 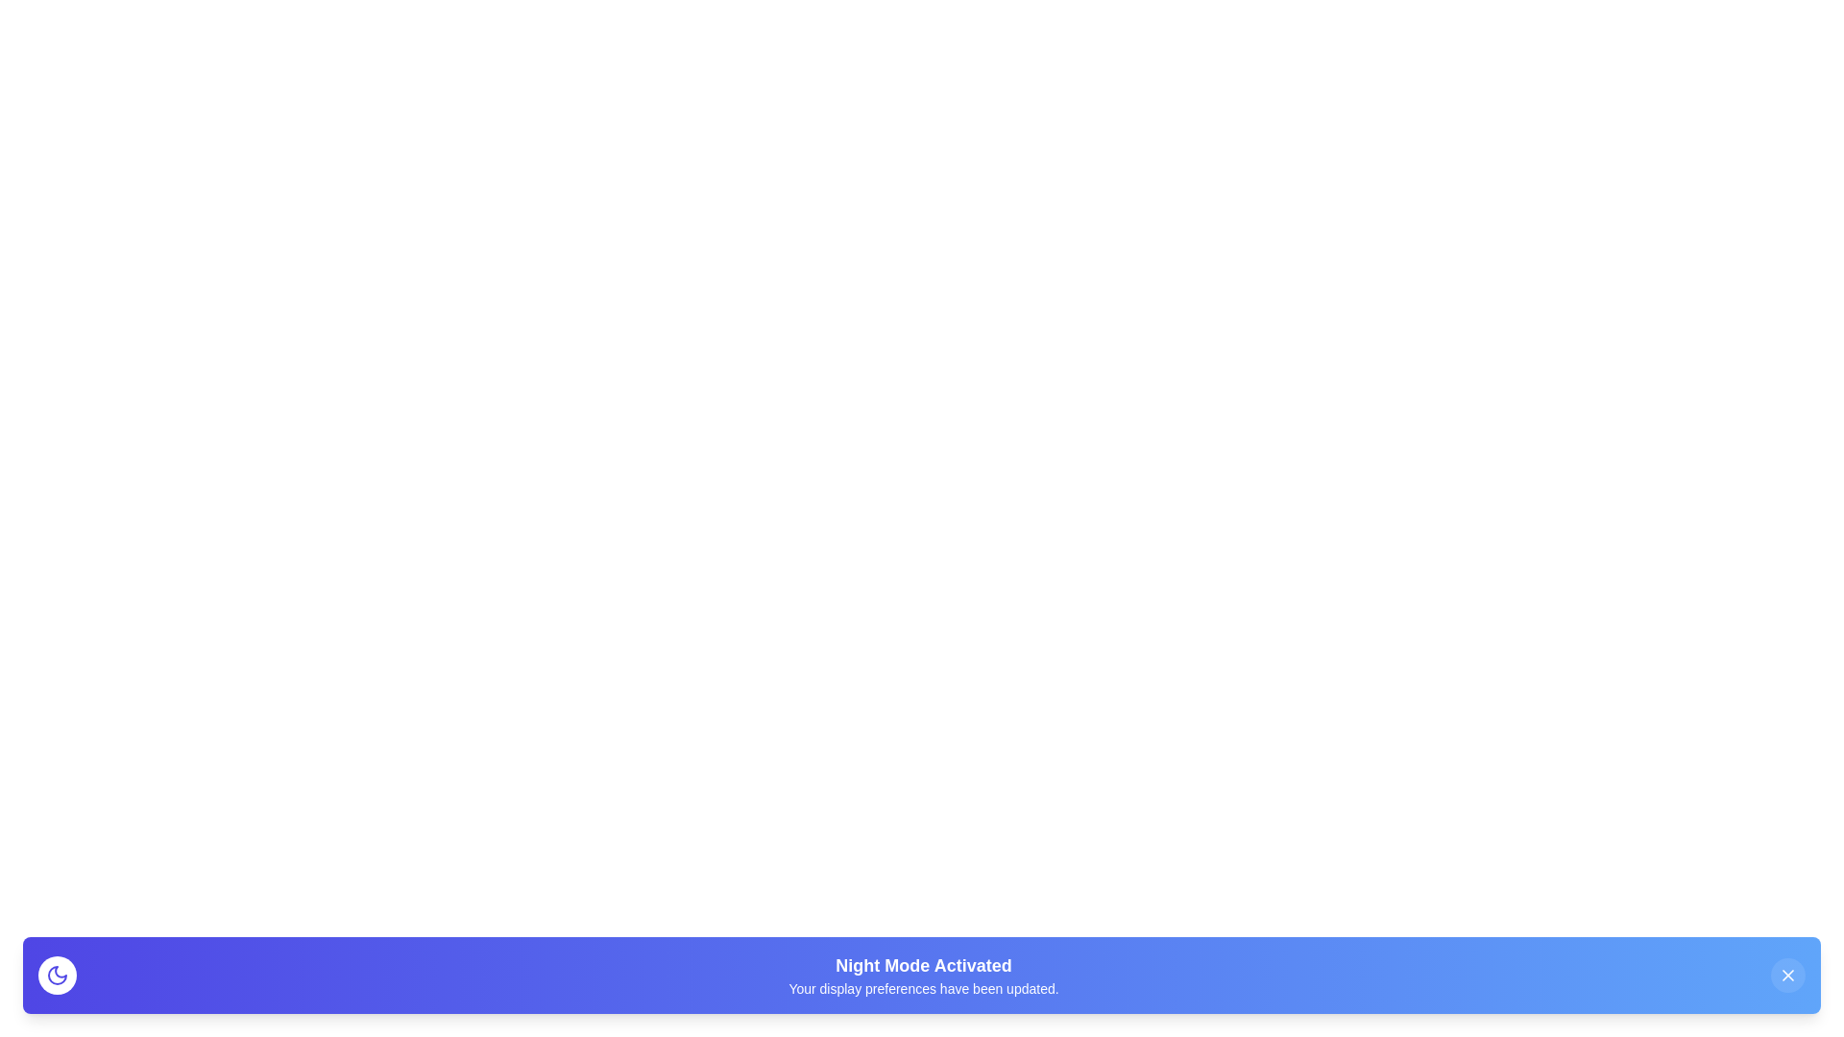 What do you see at coordinates (57, 975) in the screenshot?
I see `the decorative moon icon` at bounding box center [57, 975].